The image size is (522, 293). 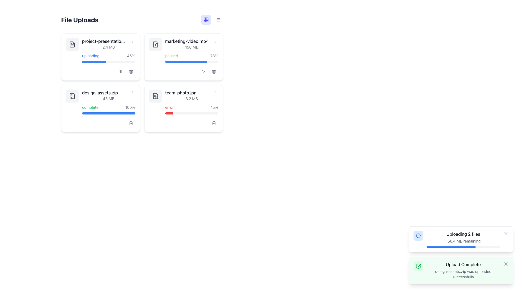 I want to click on progress bar located below the 'complete' label and '100%' text within the 'design-assets.zip' card to check its status information, so click(x=108, y=113).